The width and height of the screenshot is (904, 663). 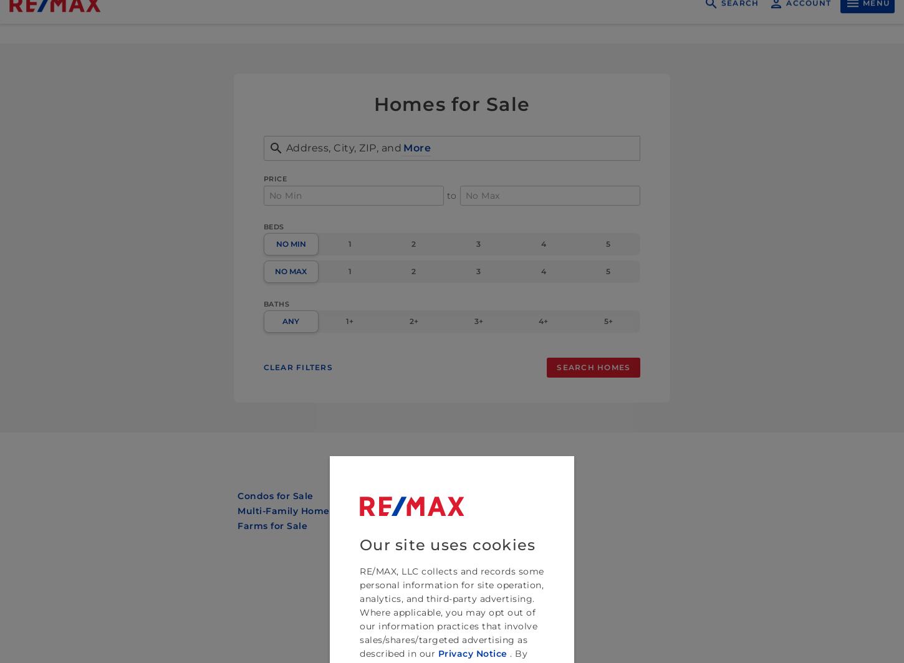 I want to click on 'No Min', so click(x=274, y=244).